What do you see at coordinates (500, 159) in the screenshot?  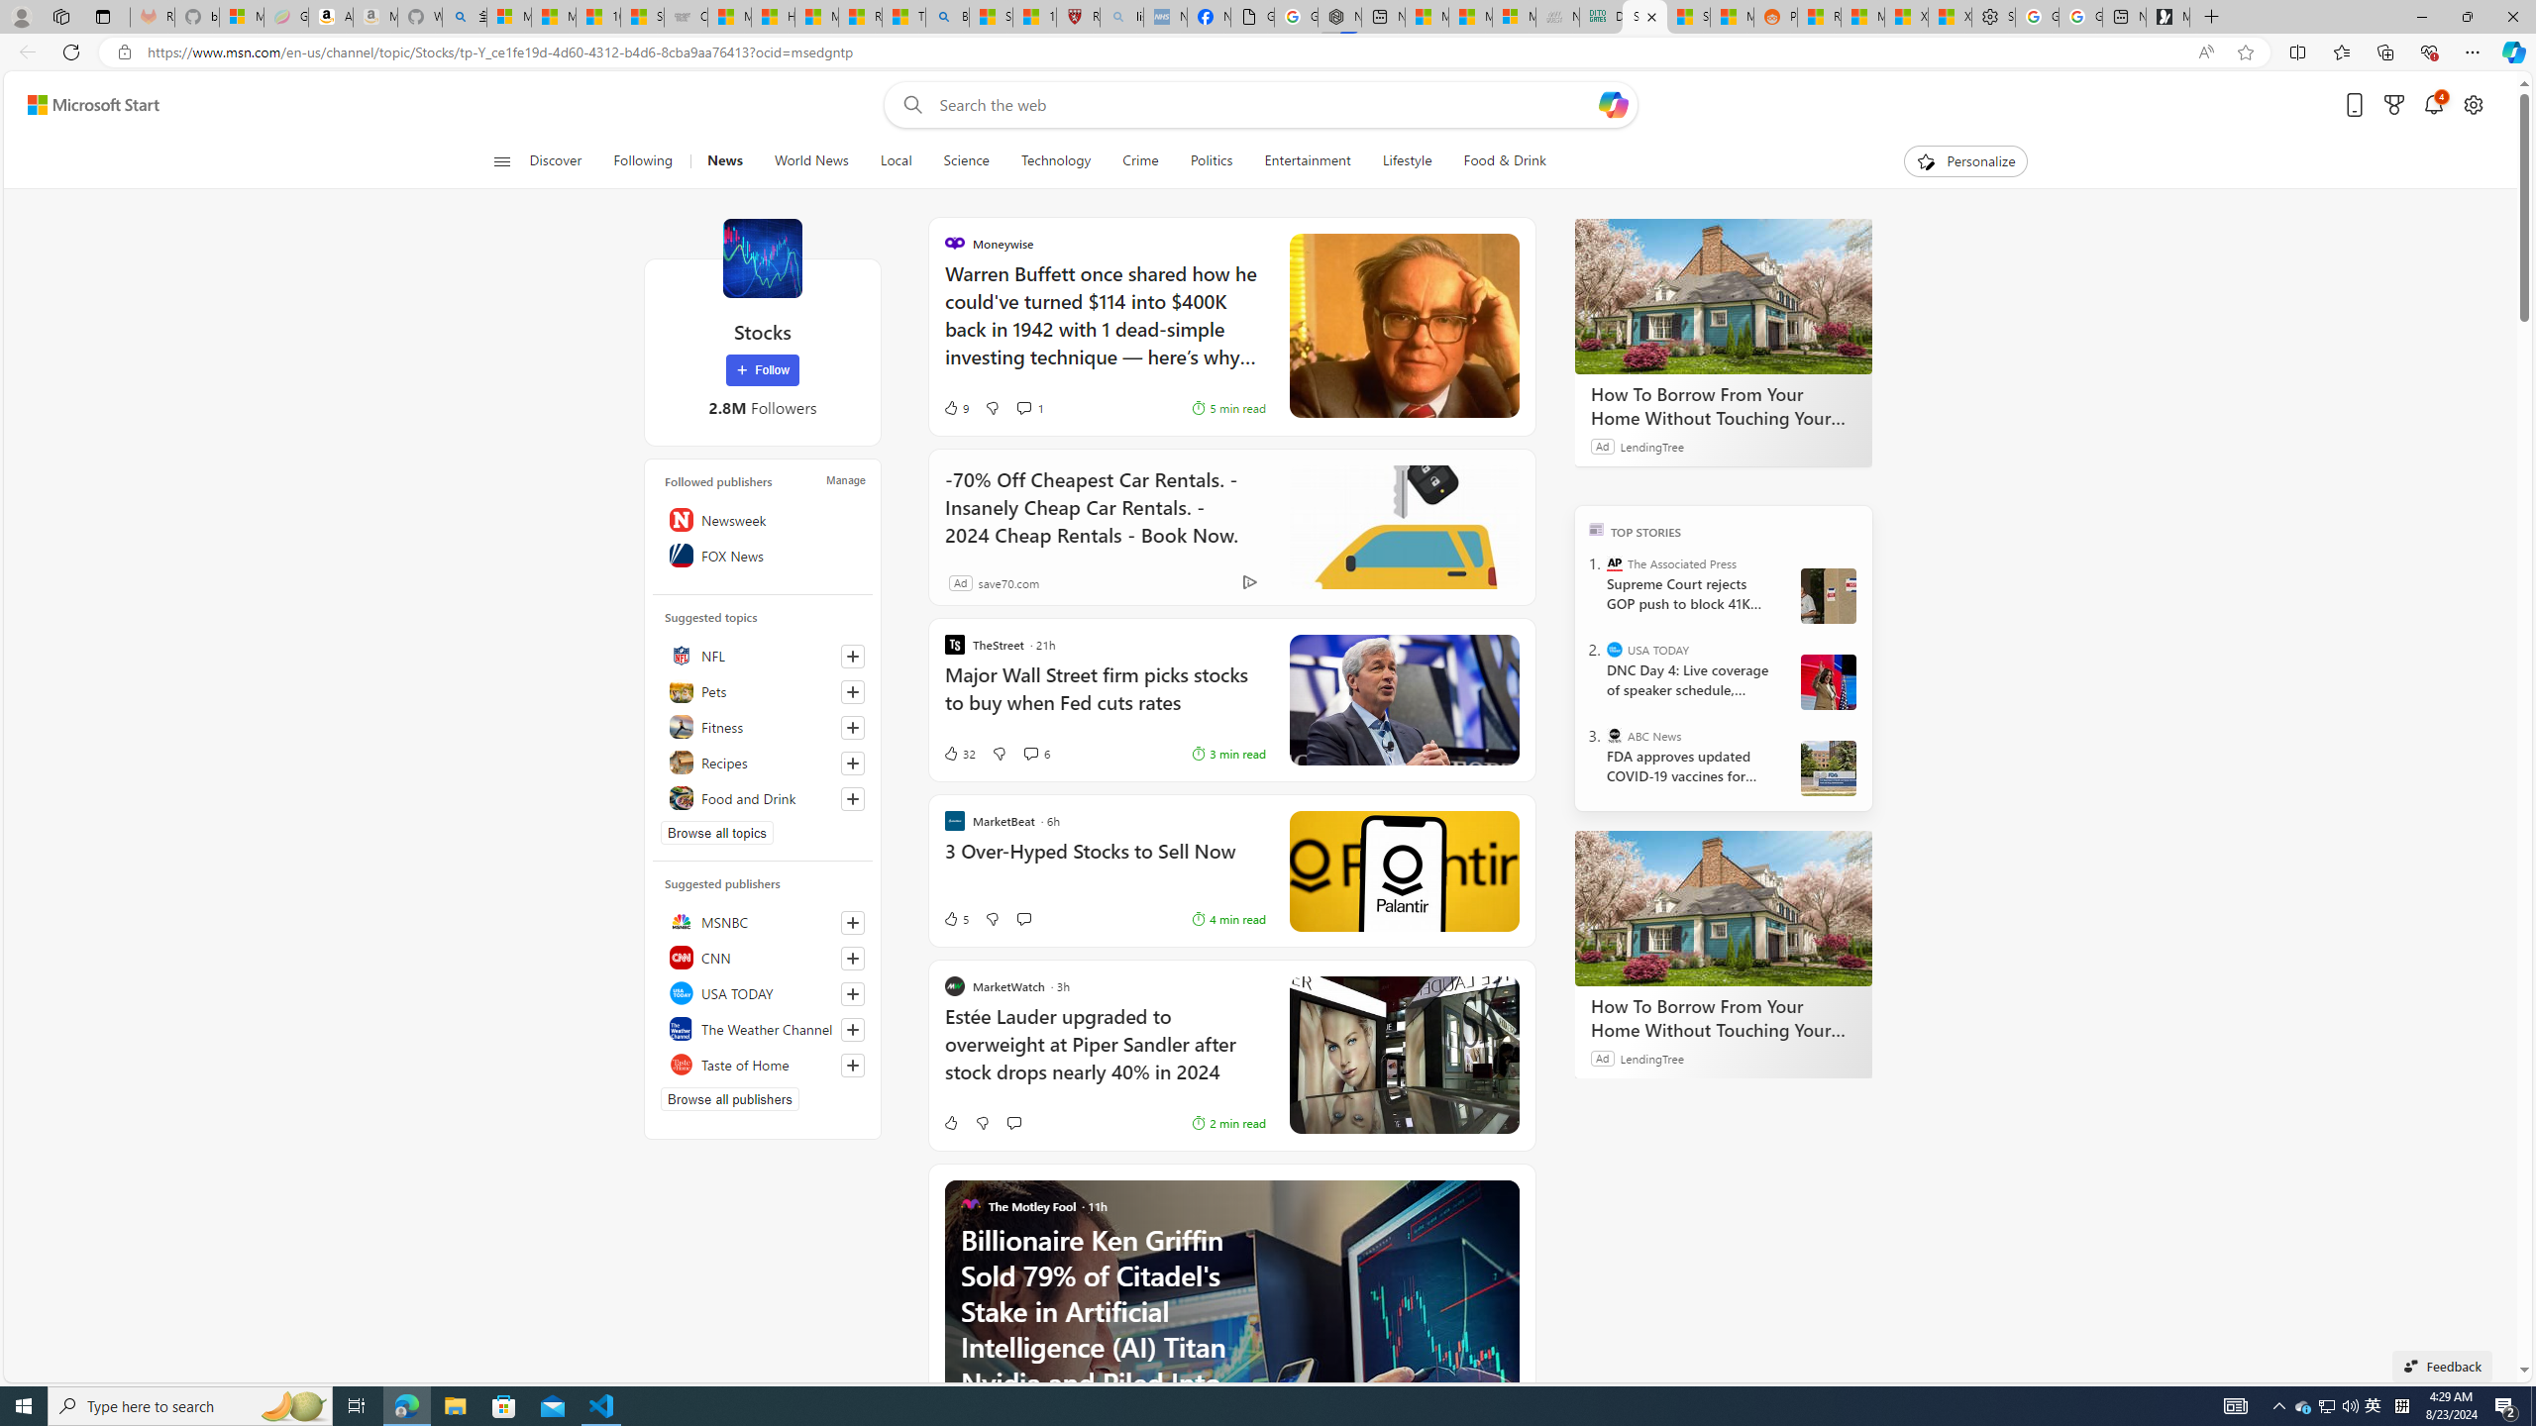 I see `'Open navigation menu'` at bounding box center [500, 159].